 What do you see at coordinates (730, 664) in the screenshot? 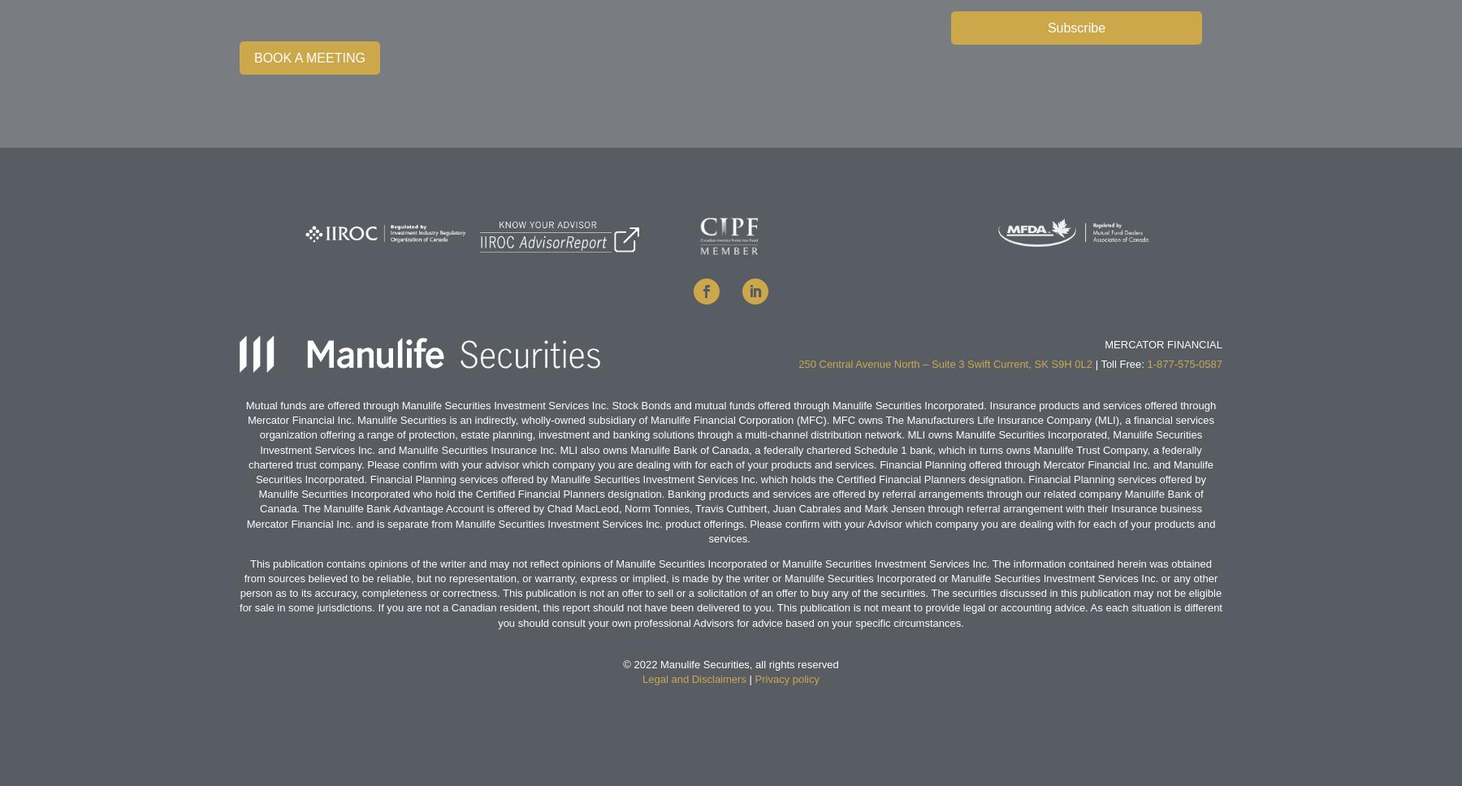
I see `'© 2022 Manulife Securities, all rights reserved'` at bounding box center [730, 664].